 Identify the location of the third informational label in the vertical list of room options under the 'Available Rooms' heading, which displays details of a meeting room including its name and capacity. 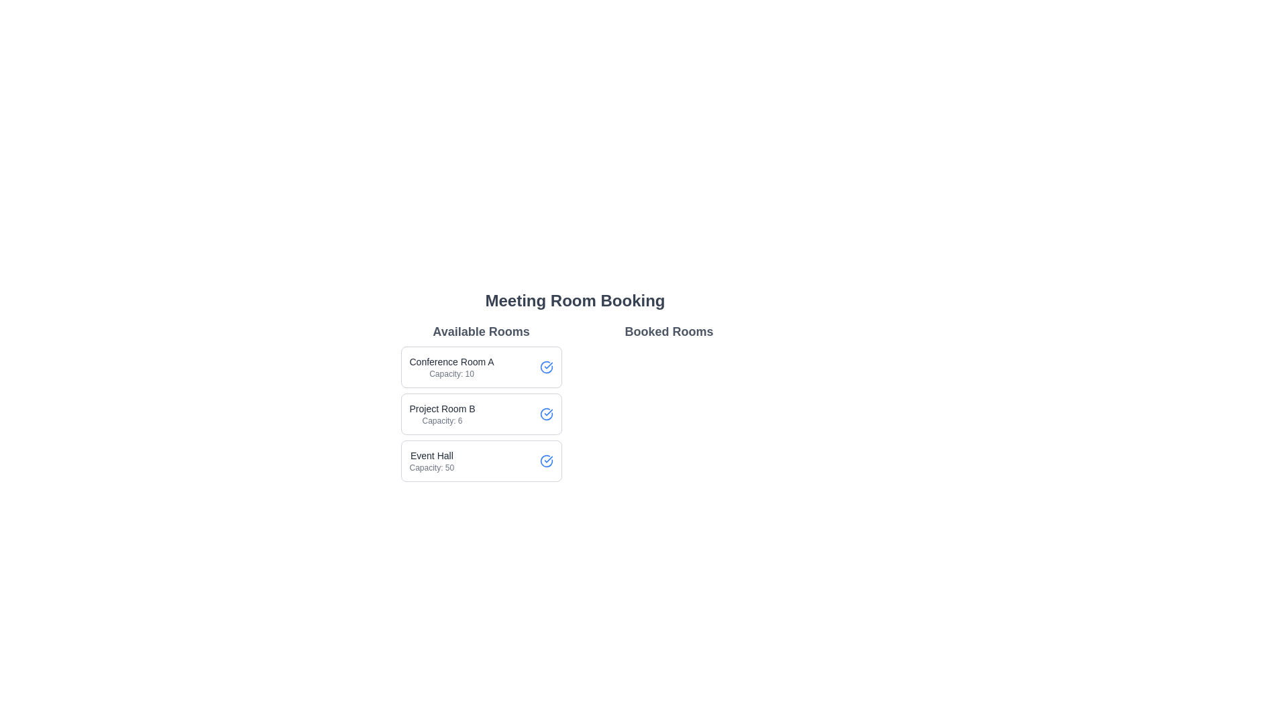
(431, 460).